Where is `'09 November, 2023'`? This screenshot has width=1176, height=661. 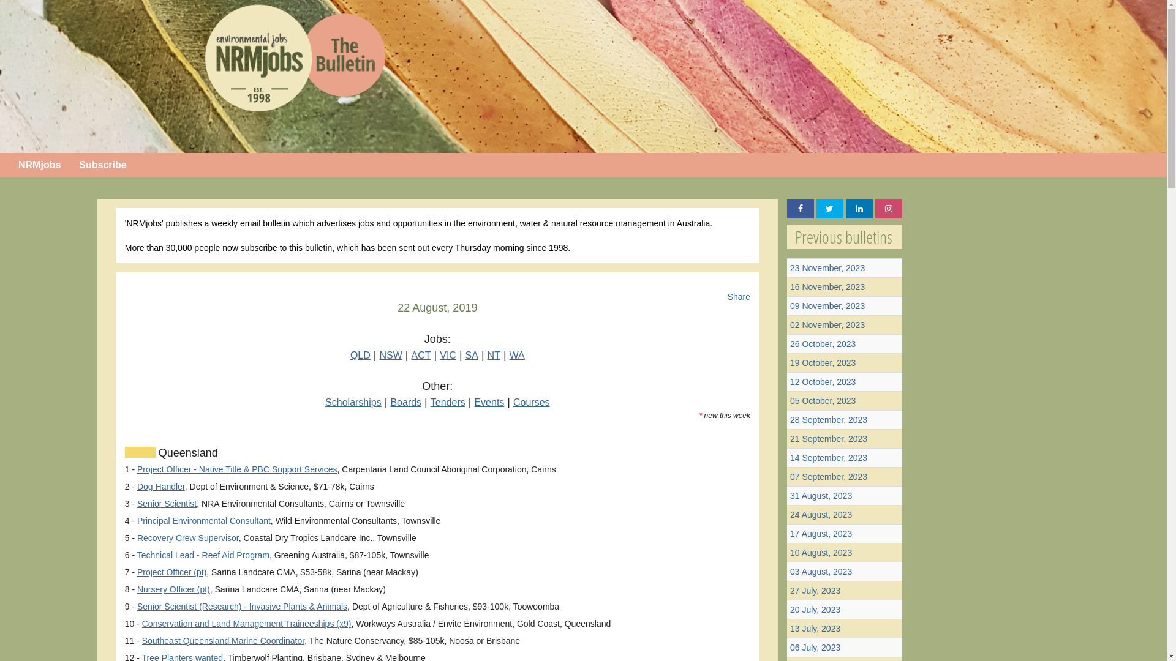 '09 November, 2023' is located at coordinates (827, 305).